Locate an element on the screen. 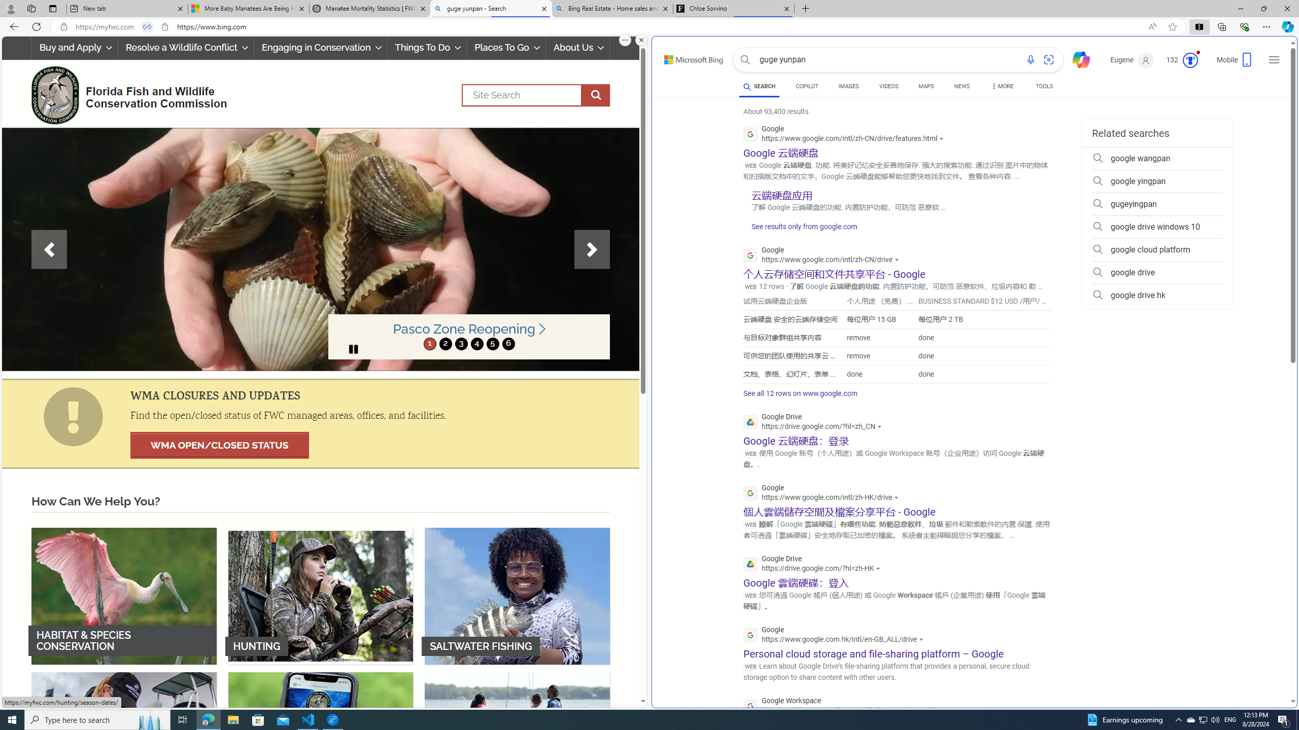  'google drive' is located at coordinates (1156, 272).